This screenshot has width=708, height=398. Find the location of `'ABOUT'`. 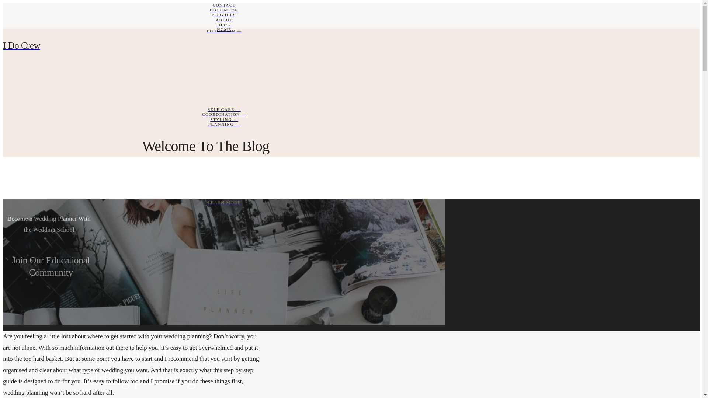

'ABOUT' is located at coordinates (3, 20).